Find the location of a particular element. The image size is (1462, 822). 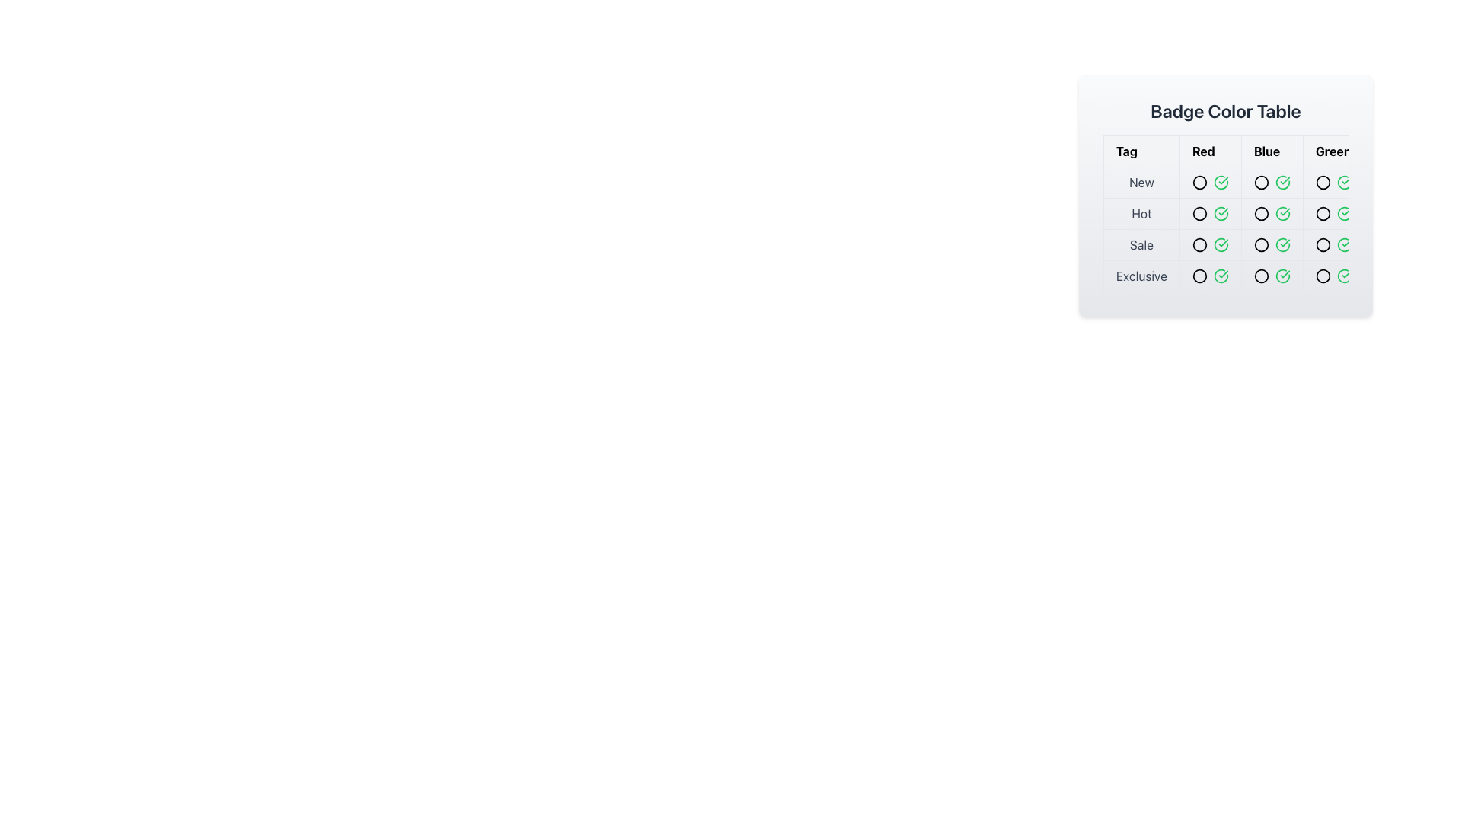

the graphical indicator (circle) located in the second row and third column of the 'Badge Color Table', under the 'Blue' column and beside the 'Hot' row label is located at coordinates (1266, 229).